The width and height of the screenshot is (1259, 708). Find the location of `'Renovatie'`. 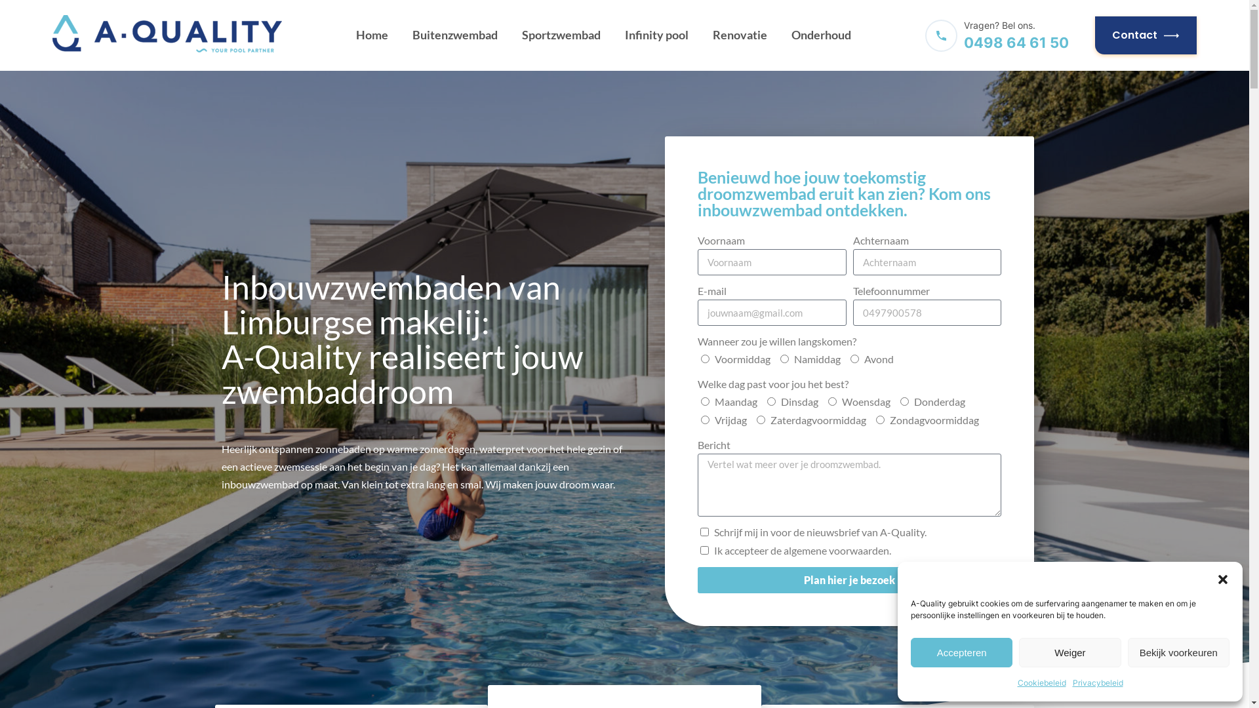

'Renovatie' is located at coordinates (740, 35).